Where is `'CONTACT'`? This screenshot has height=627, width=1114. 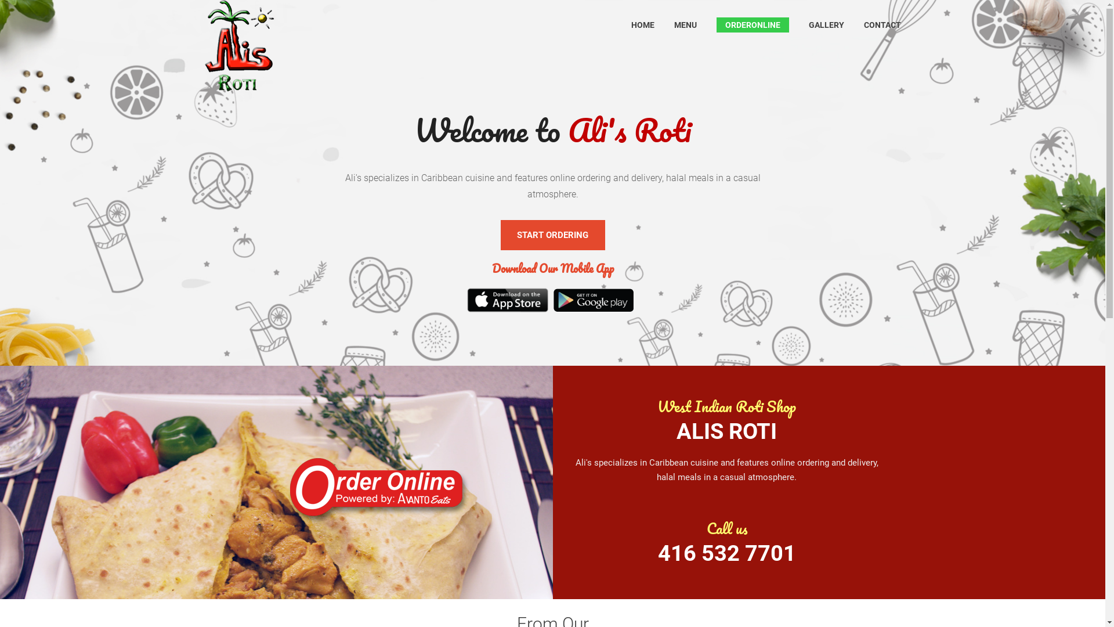
'CONTACT' is located at coordinates (863, 24).